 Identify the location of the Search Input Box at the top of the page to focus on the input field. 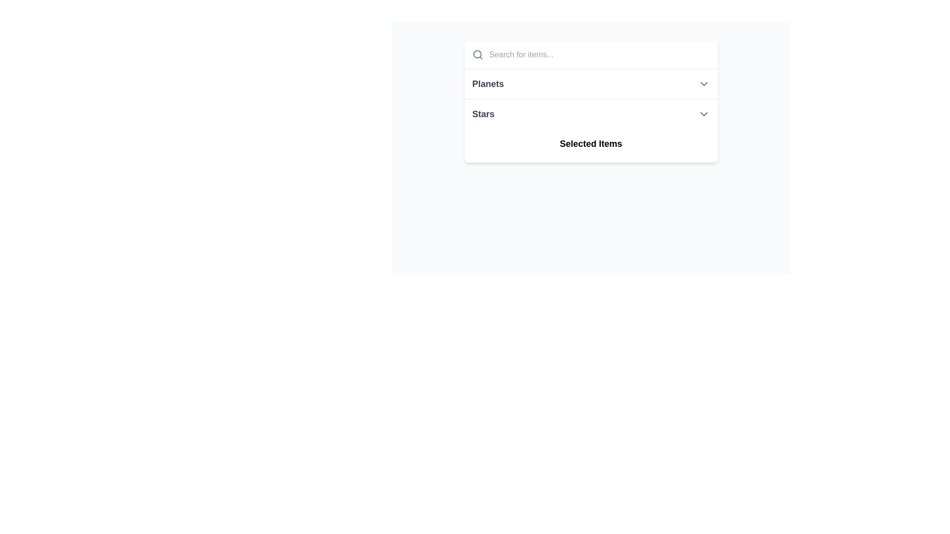
(591, 55).